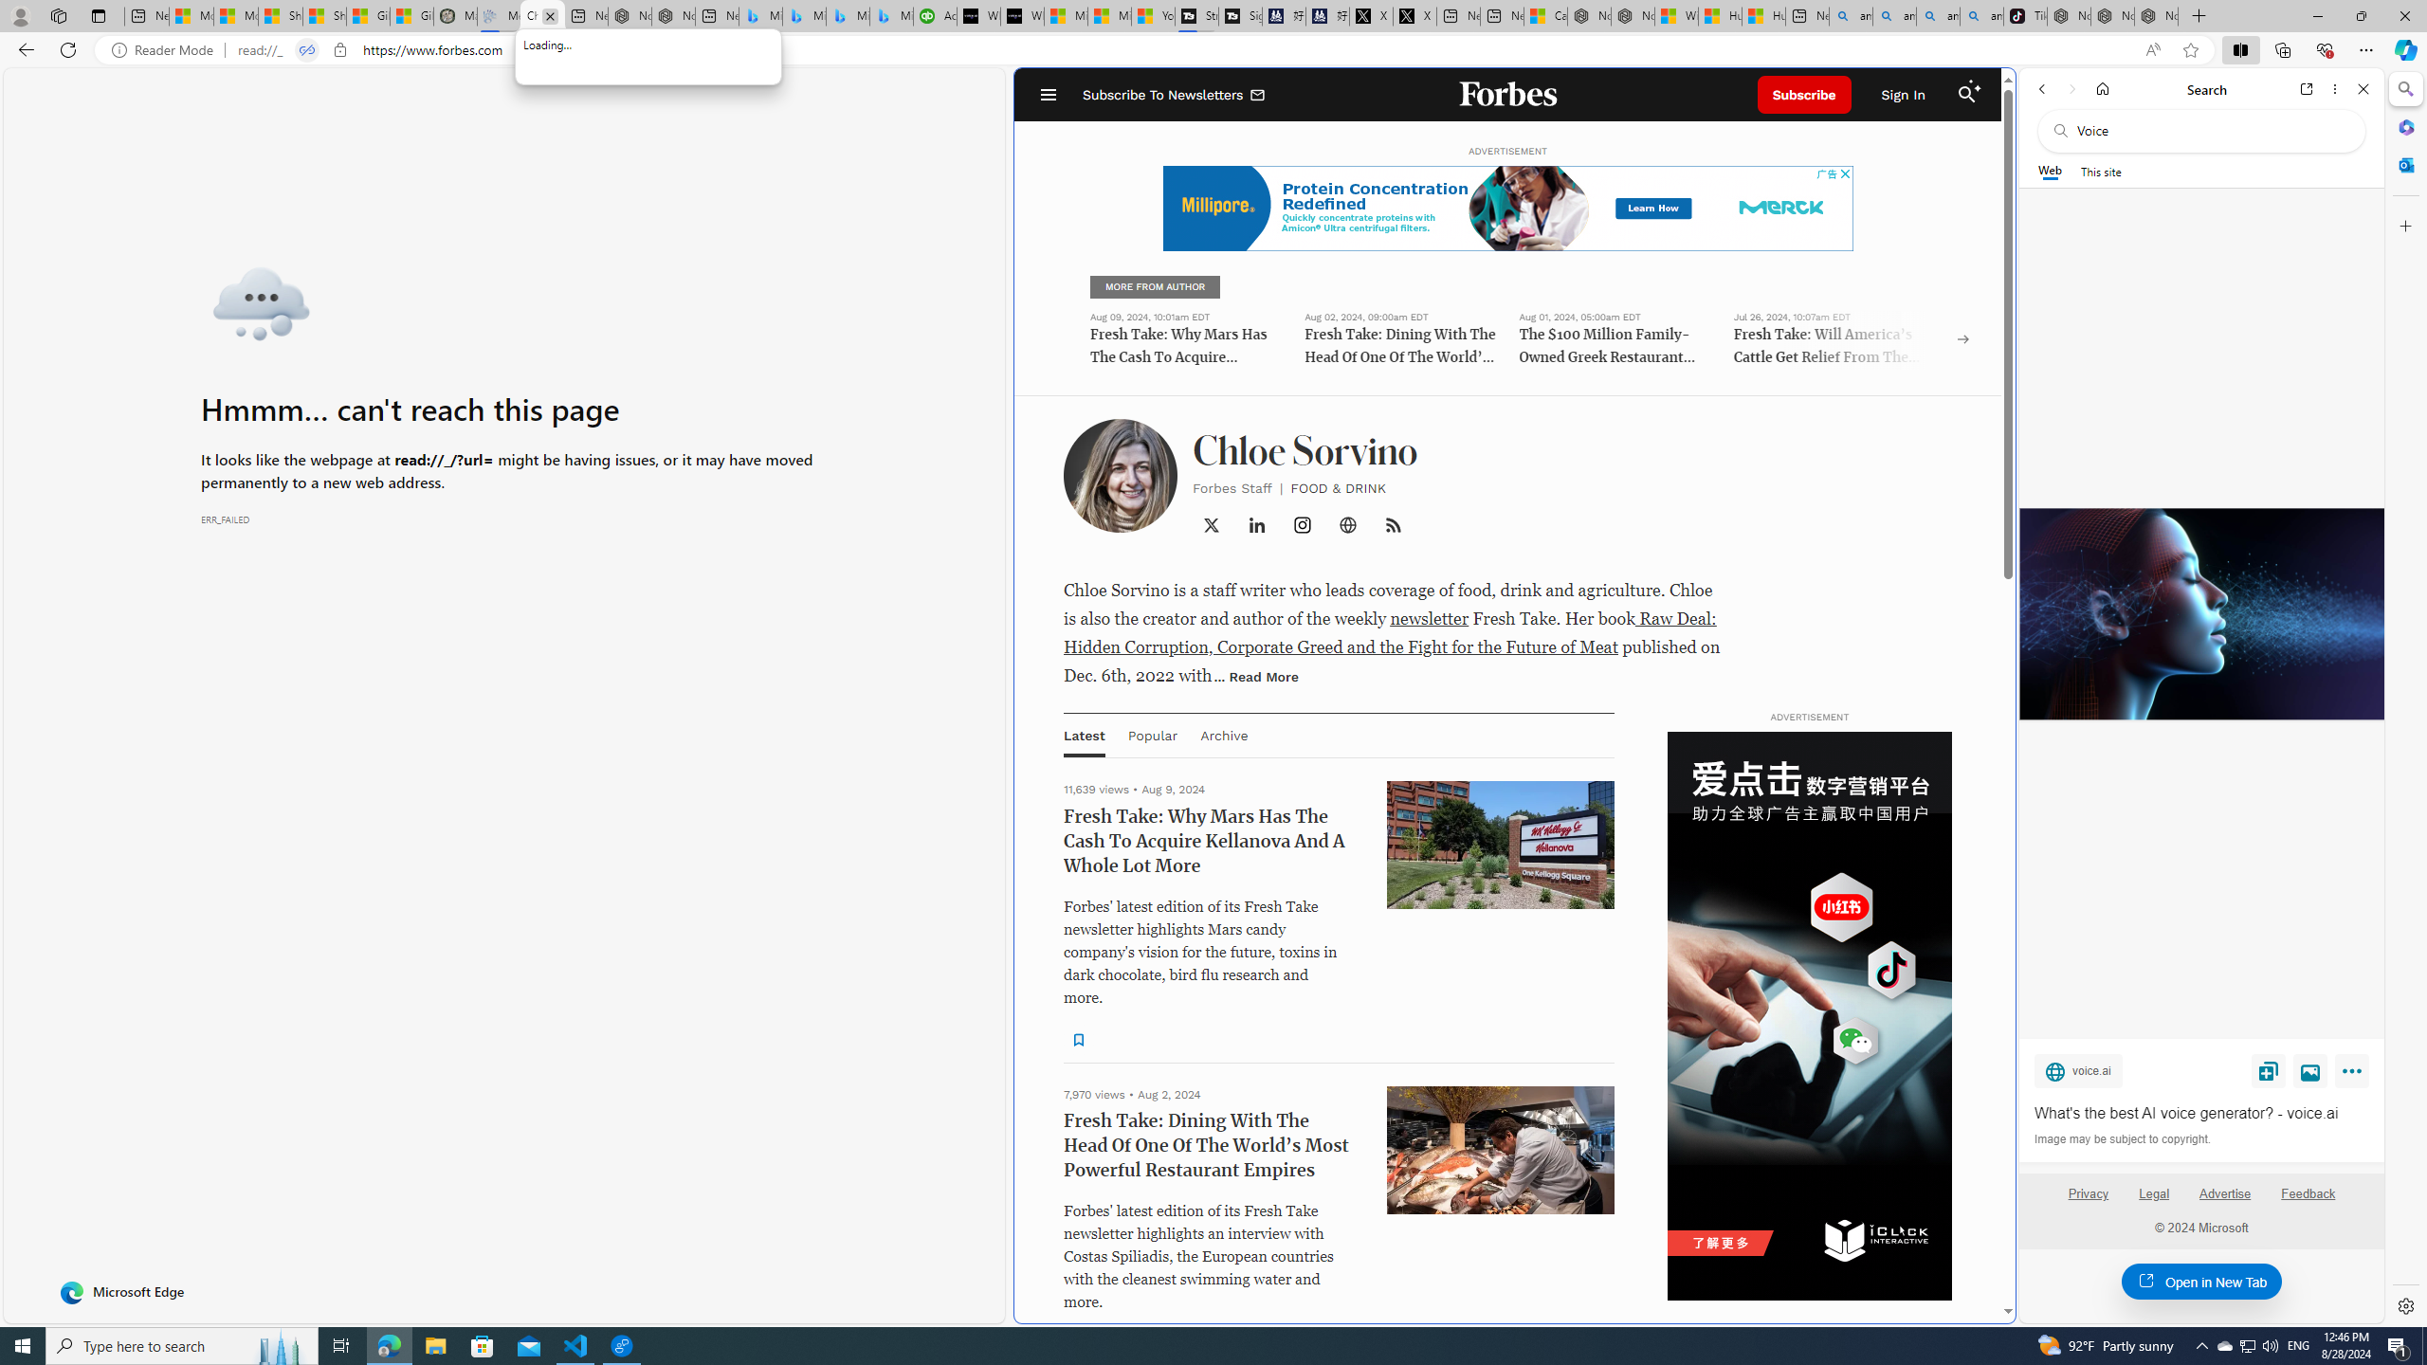 Image resolution: width=2427 pixels, height=1365 pixels. Describe the element at coordinates (2354, 1074) in the screenshot. I see `'More'` at that location.